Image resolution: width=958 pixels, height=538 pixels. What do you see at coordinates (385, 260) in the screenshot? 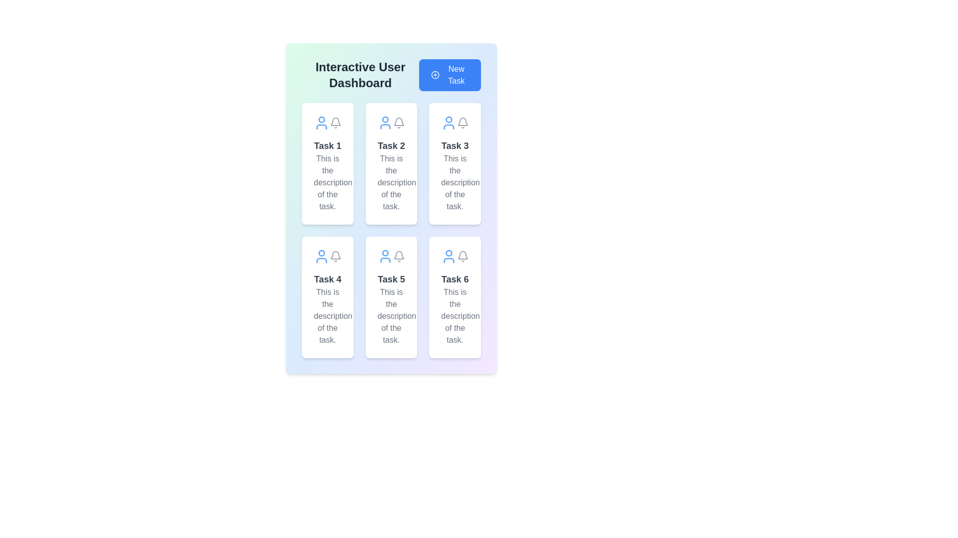
I see `the user profile icon located` at bounding box center [385, 260].